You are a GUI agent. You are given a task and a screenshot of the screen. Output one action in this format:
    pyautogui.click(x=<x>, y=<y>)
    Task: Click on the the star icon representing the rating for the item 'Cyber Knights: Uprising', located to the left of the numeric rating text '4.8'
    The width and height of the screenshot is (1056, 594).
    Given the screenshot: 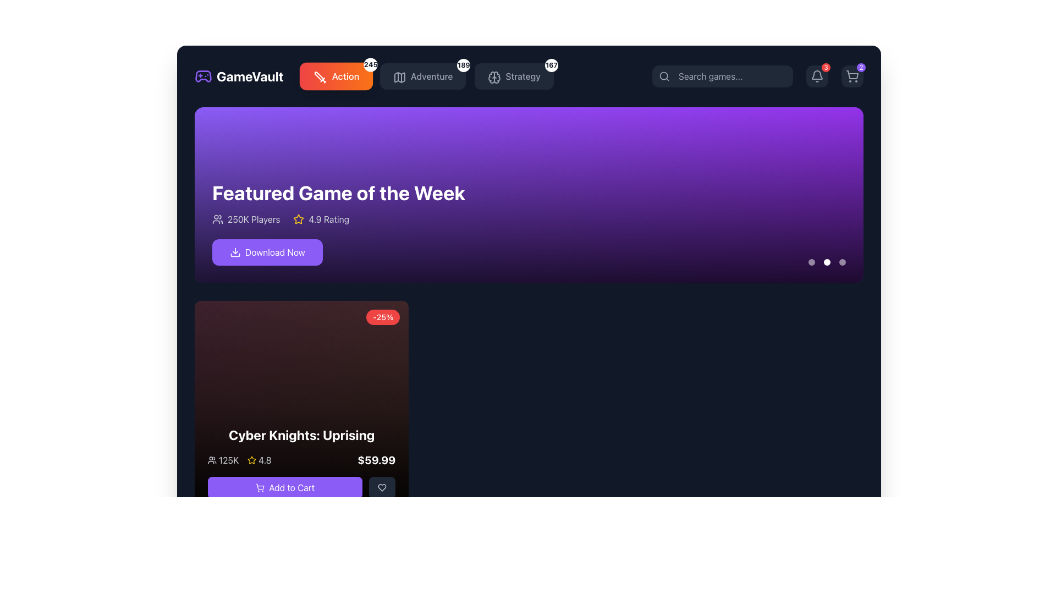 What is the action you would take?
    pyautogui.click(x=251, y=460)
    